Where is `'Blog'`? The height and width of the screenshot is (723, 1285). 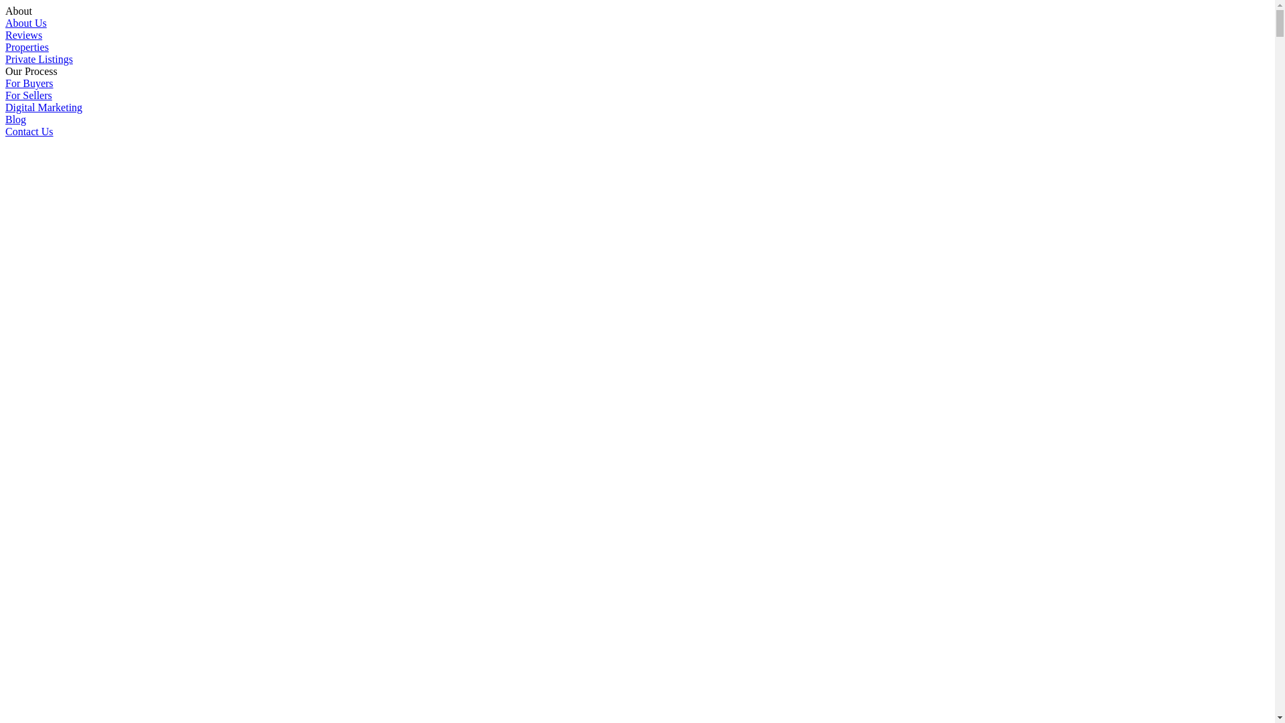
'Blog' is located at coordinates (15, 118).